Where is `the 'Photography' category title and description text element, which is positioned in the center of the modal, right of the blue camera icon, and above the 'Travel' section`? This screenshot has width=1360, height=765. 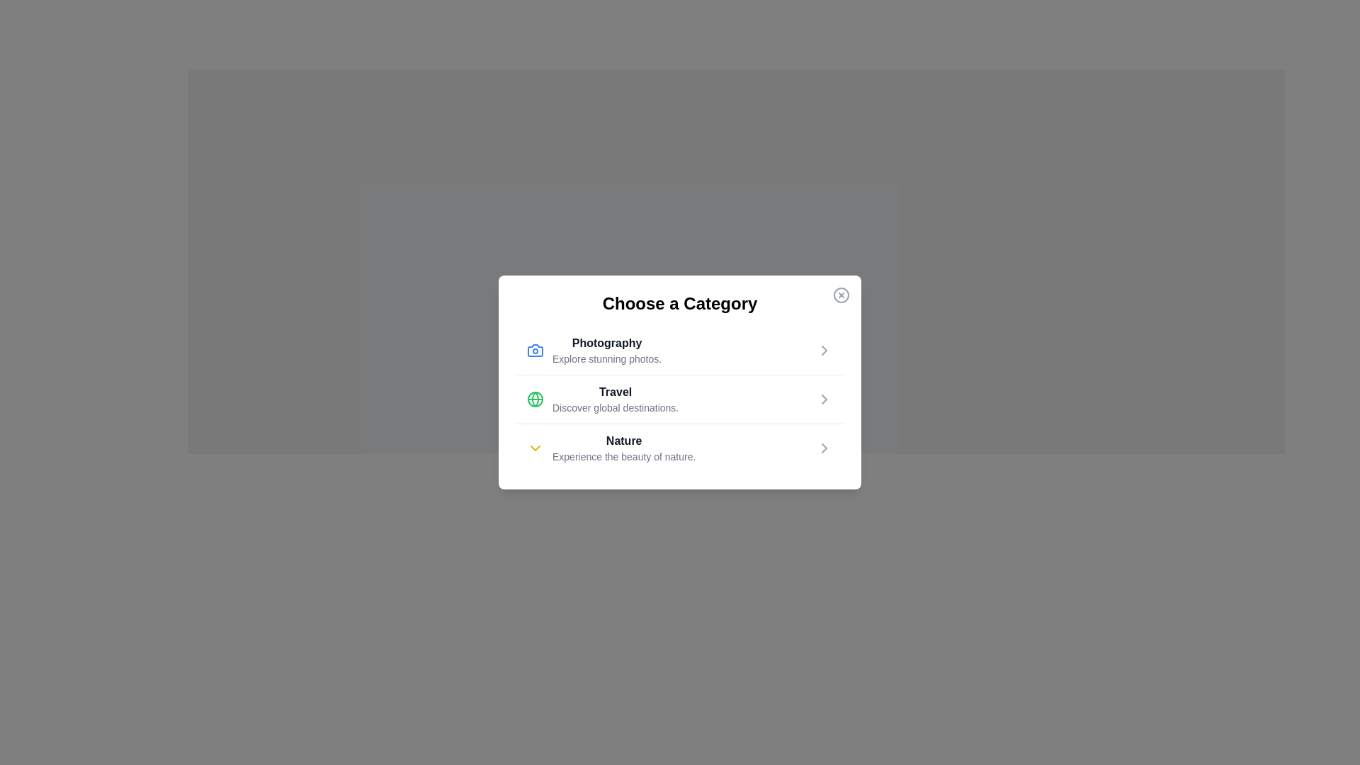 the 'Photography' category title and description text element, which is positioned in the center of the modal, right of the blue camera icon, and above the 'Travel' section is located at coordinates (607, 350).